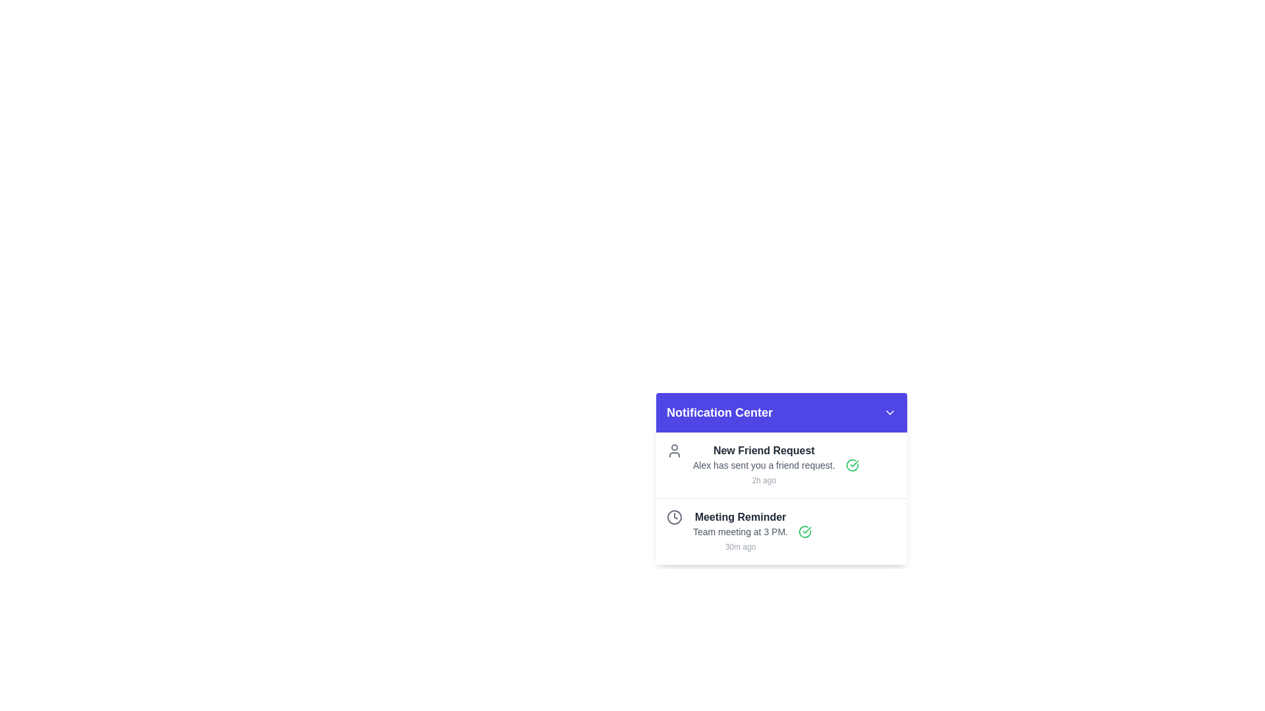  Describe the element at coordinates (764, 480) in the screenshot. I see `the small text label displaying '2h ago', which indicates the time elapsed for the notification titled 'New Friend Request'` at that location.